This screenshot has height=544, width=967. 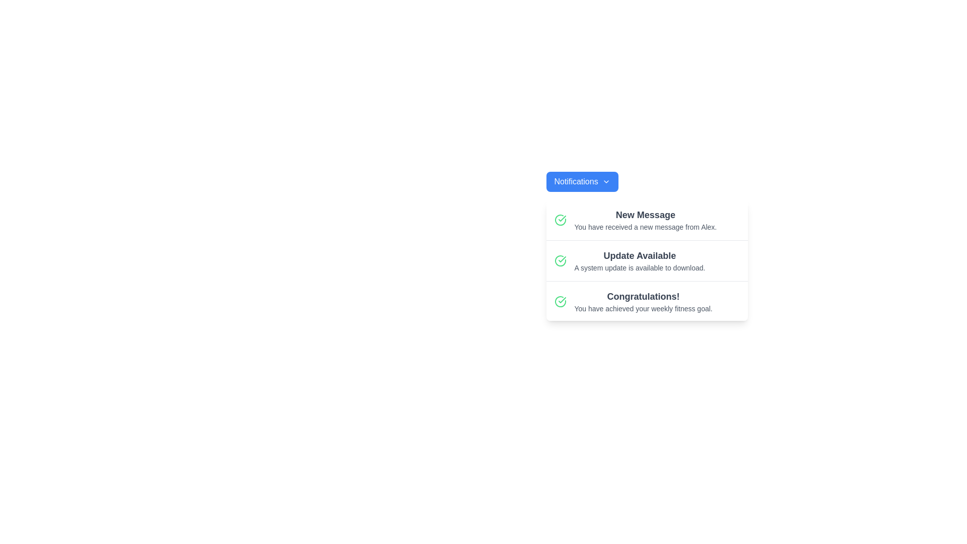 What do you see at coordinates (639, 255) in the screenshot?
I see `text 'Update Available' from the first line of the second notification card in the 'Notifications' dropdown` at bounding box center [639, 255].